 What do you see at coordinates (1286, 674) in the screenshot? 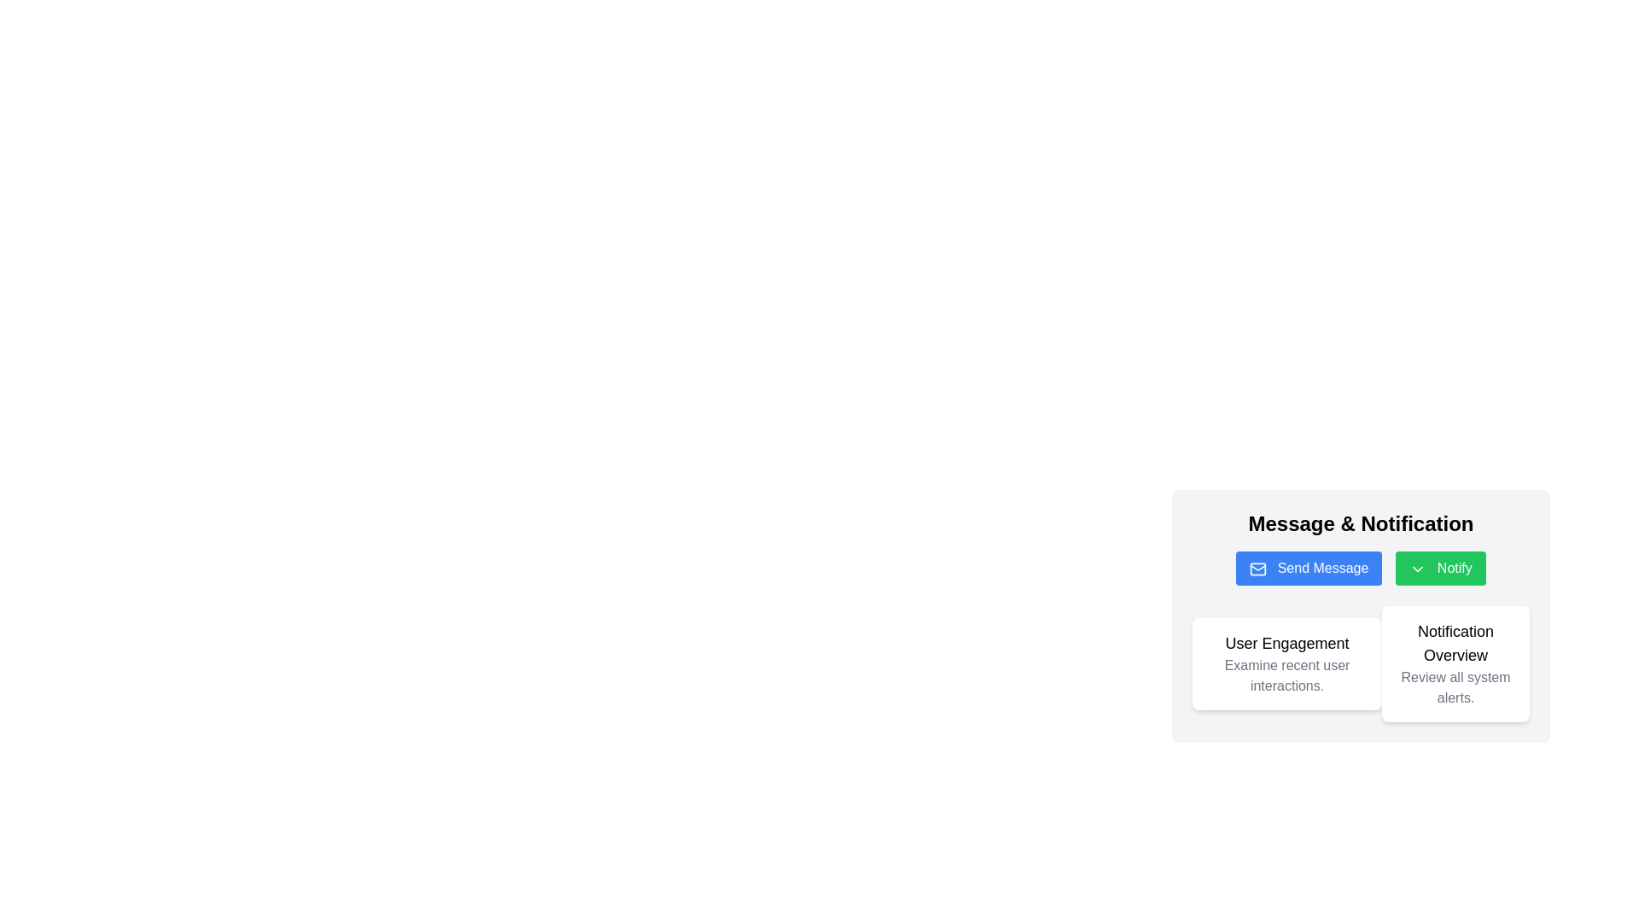
I see `the text 'Examine recent user interactions.' which is styled in a lighter gray font and located within a white rounded card titled 'User Engagement'` at bounding box center [1286, 674].